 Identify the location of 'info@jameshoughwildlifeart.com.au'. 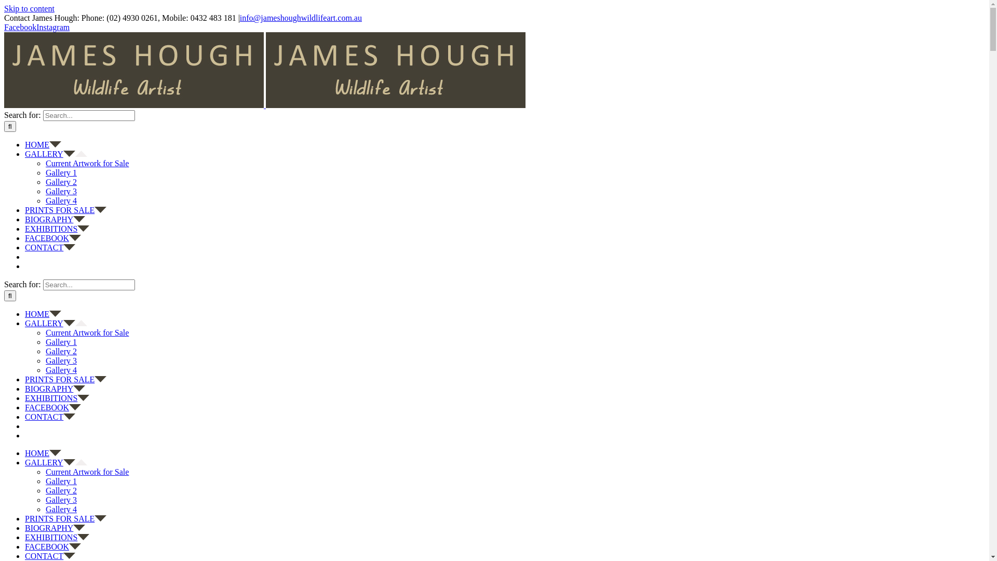
(300, 18).